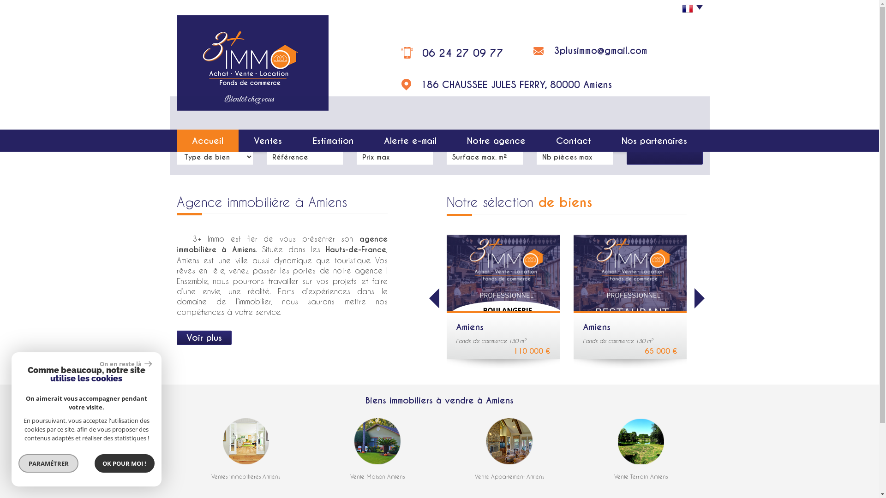 The height and width of the screenshot is (498, 886). What do you see at coordinates (409, 141) in the screenshot?
I see `'Alerte e-mail'` at bounding box center [409, 141].